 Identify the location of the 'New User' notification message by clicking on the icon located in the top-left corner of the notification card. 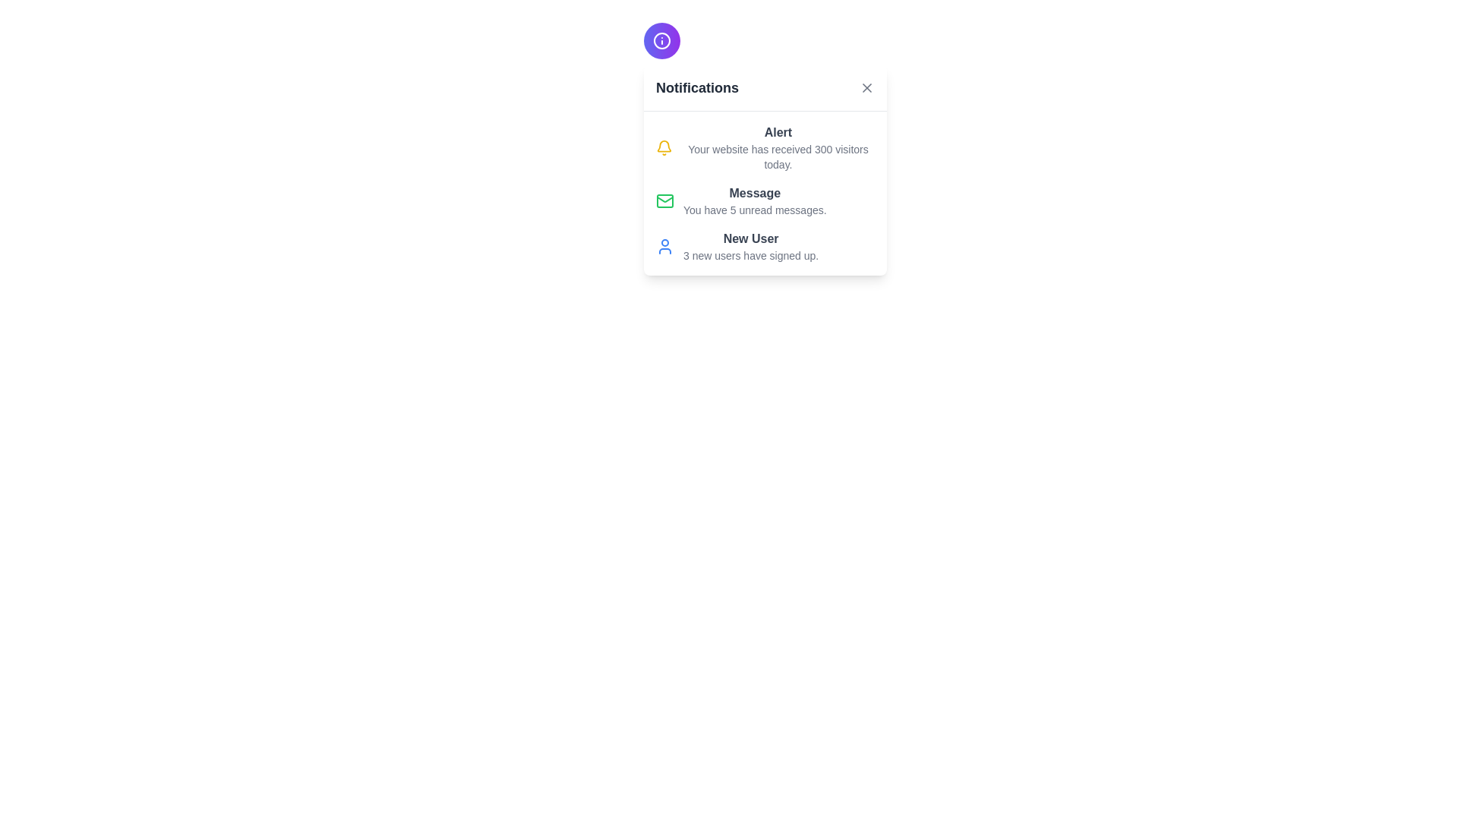
(664, 245).